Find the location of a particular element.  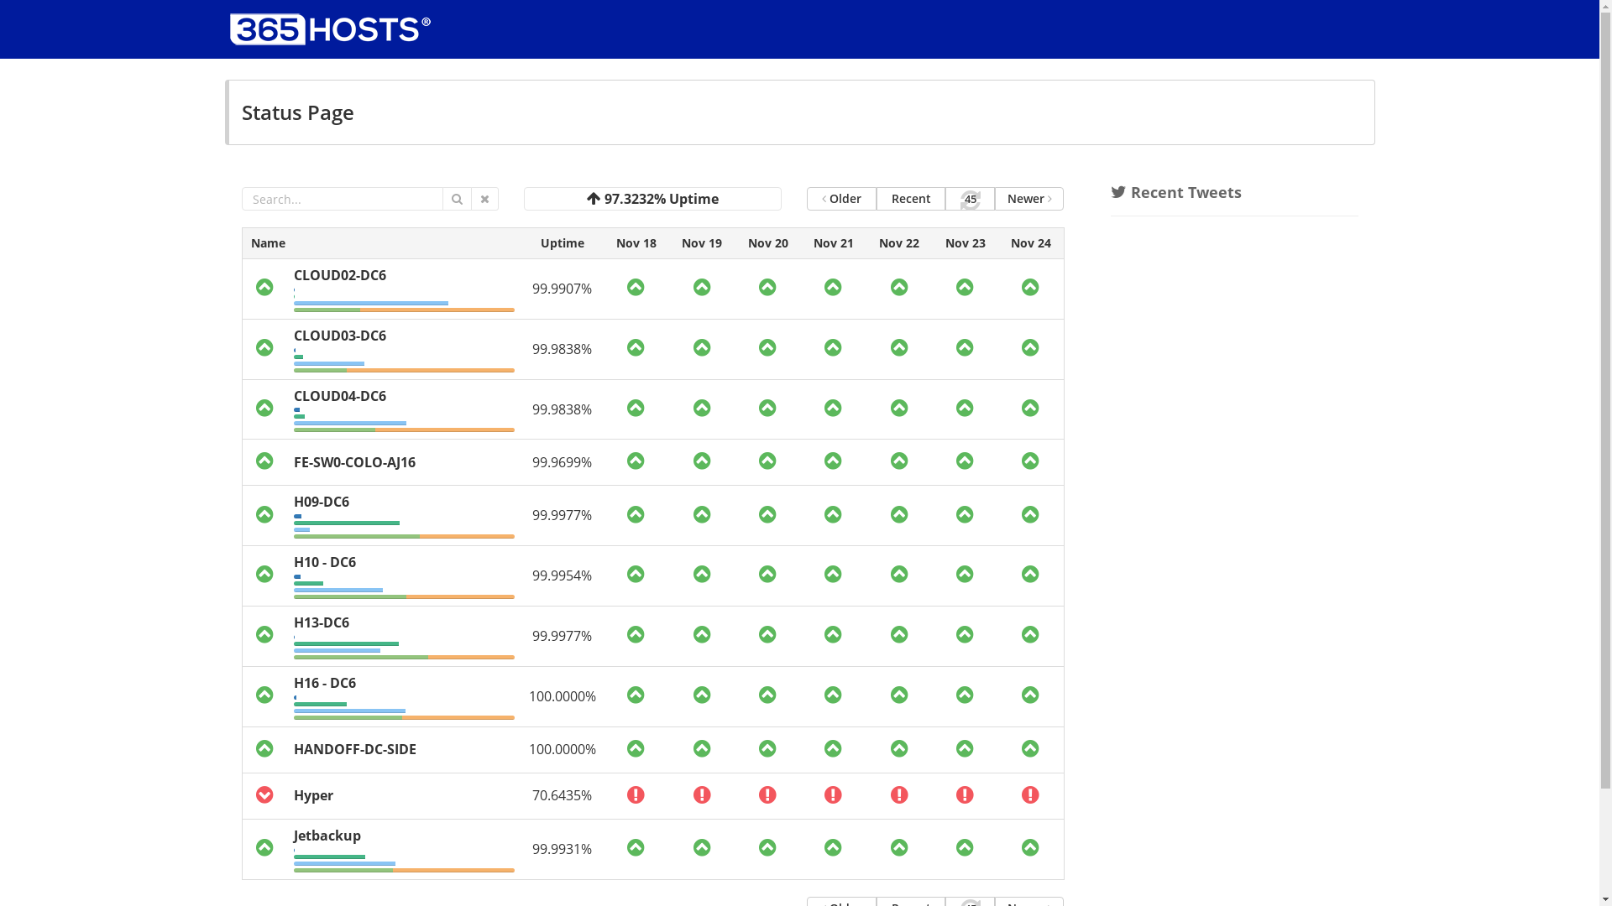

'Recent' is located at coordinates (910, 197).